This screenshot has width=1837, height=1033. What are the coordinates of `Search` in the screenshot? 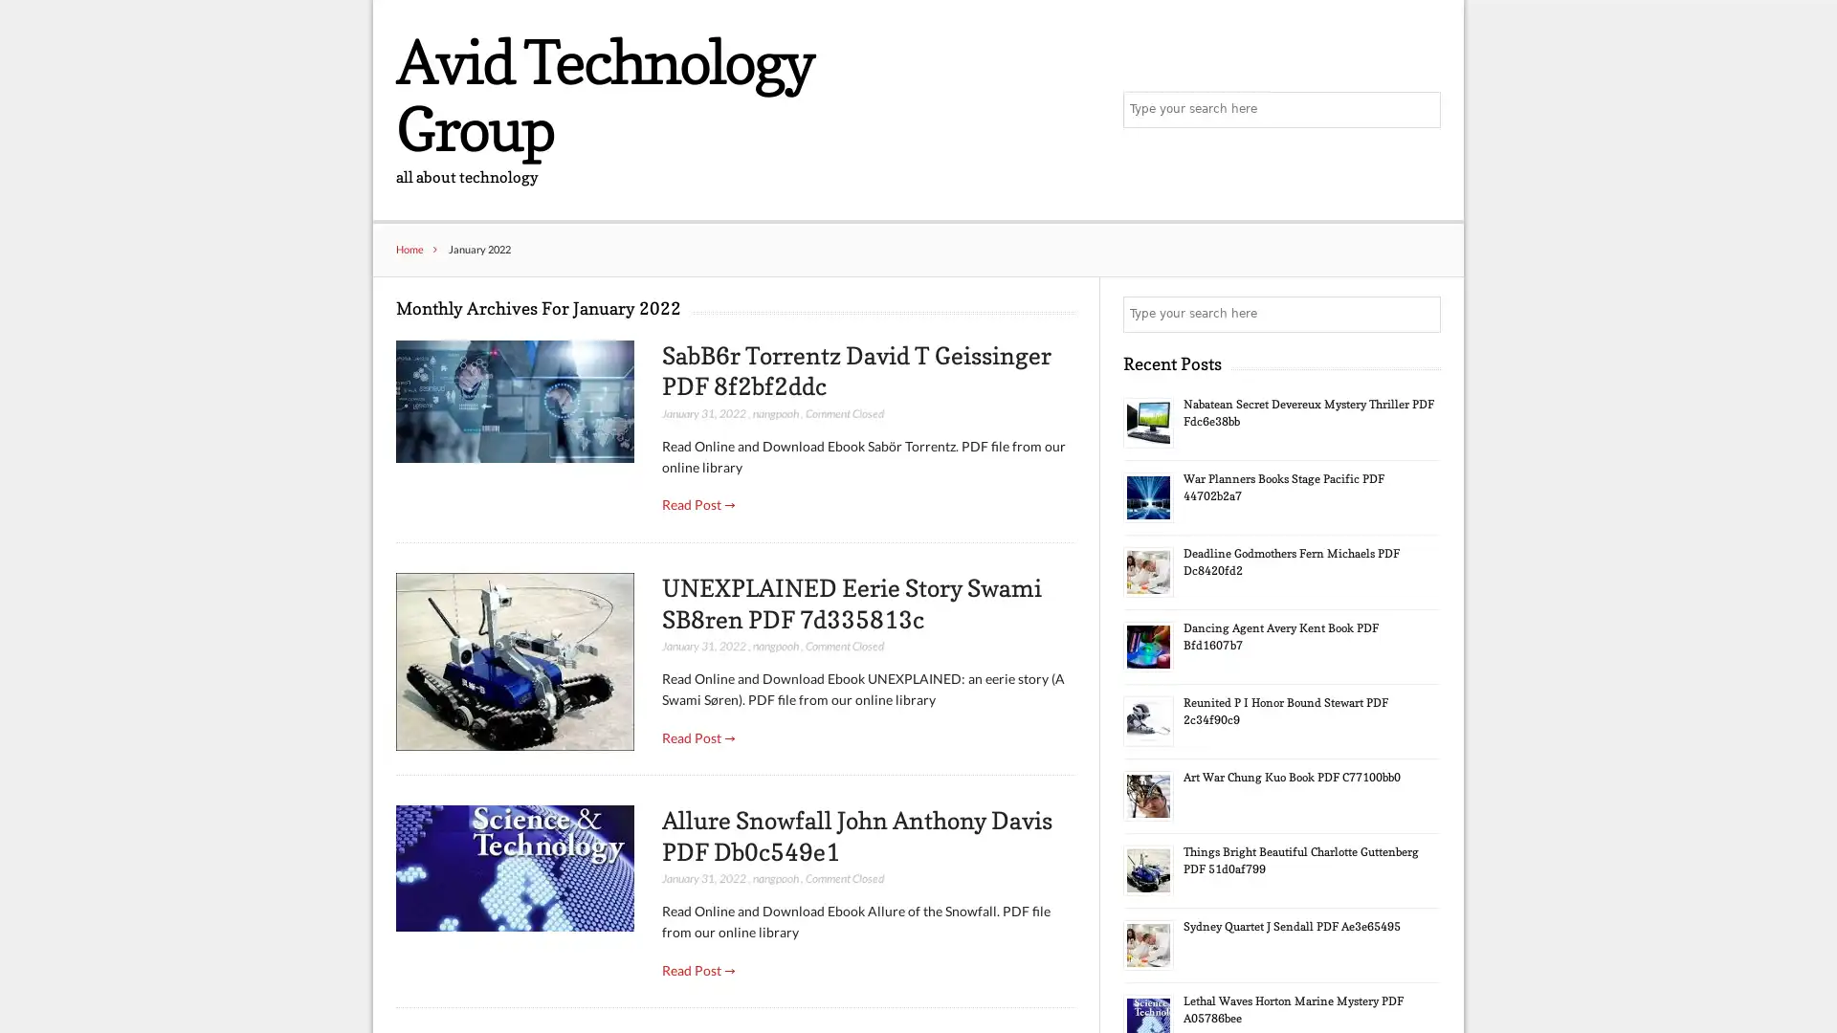 It's located at (1421, 315).